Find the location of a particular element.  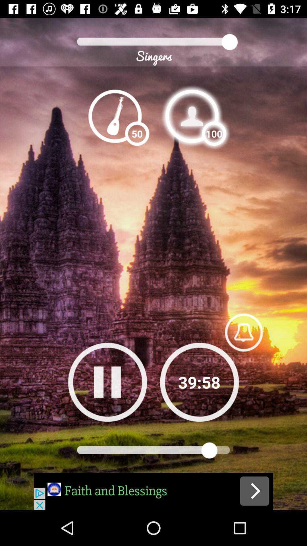

continue playing is located at coordinates (199, 382).